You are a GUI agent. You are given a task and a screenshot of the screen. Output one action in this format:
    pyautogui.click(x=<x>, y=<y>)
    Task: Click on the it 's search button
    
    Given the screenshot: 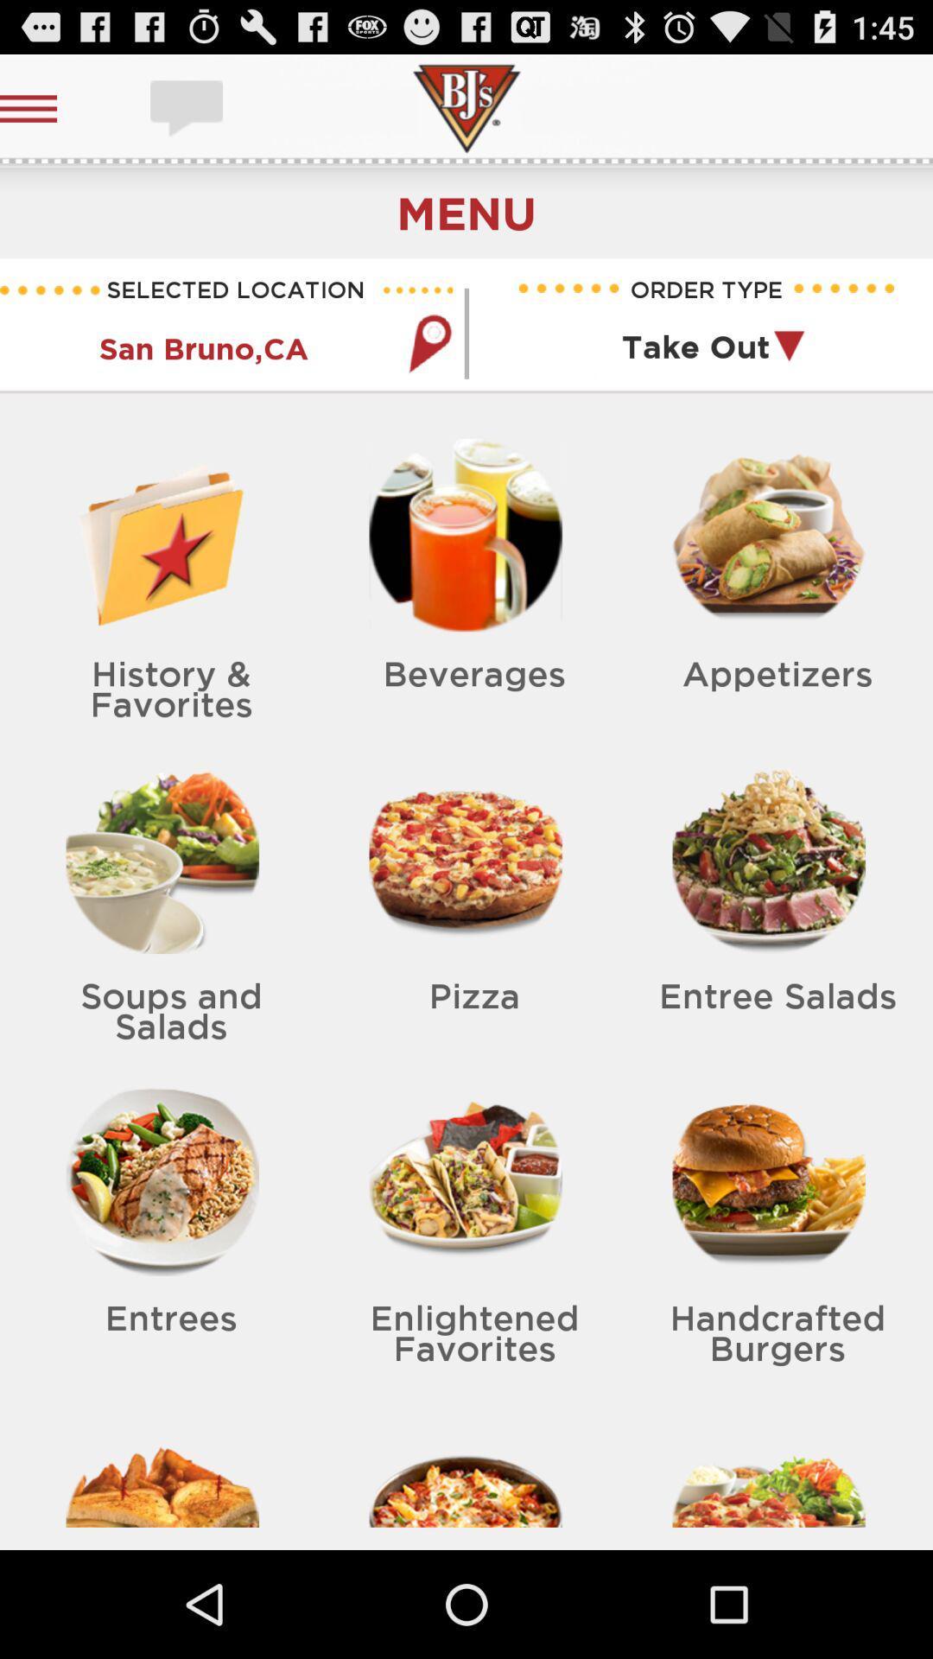 What is the action you would take?
    pyautogui.click(x=428, y=343)
    